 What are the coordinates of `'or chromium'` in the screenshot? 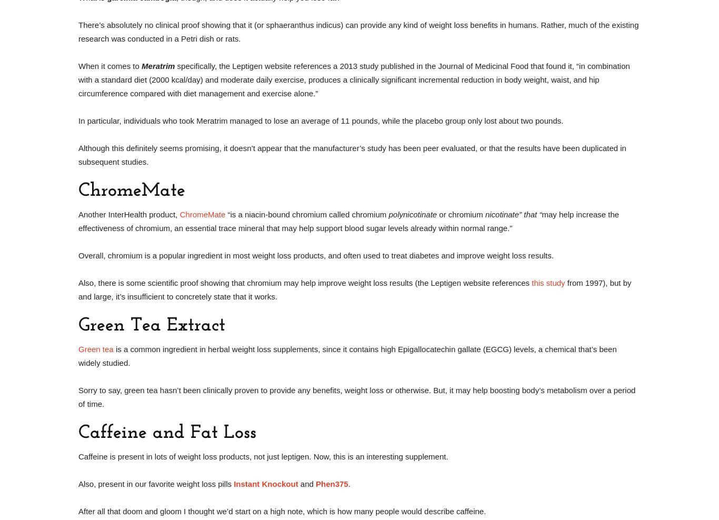 It's located at (460, 214).